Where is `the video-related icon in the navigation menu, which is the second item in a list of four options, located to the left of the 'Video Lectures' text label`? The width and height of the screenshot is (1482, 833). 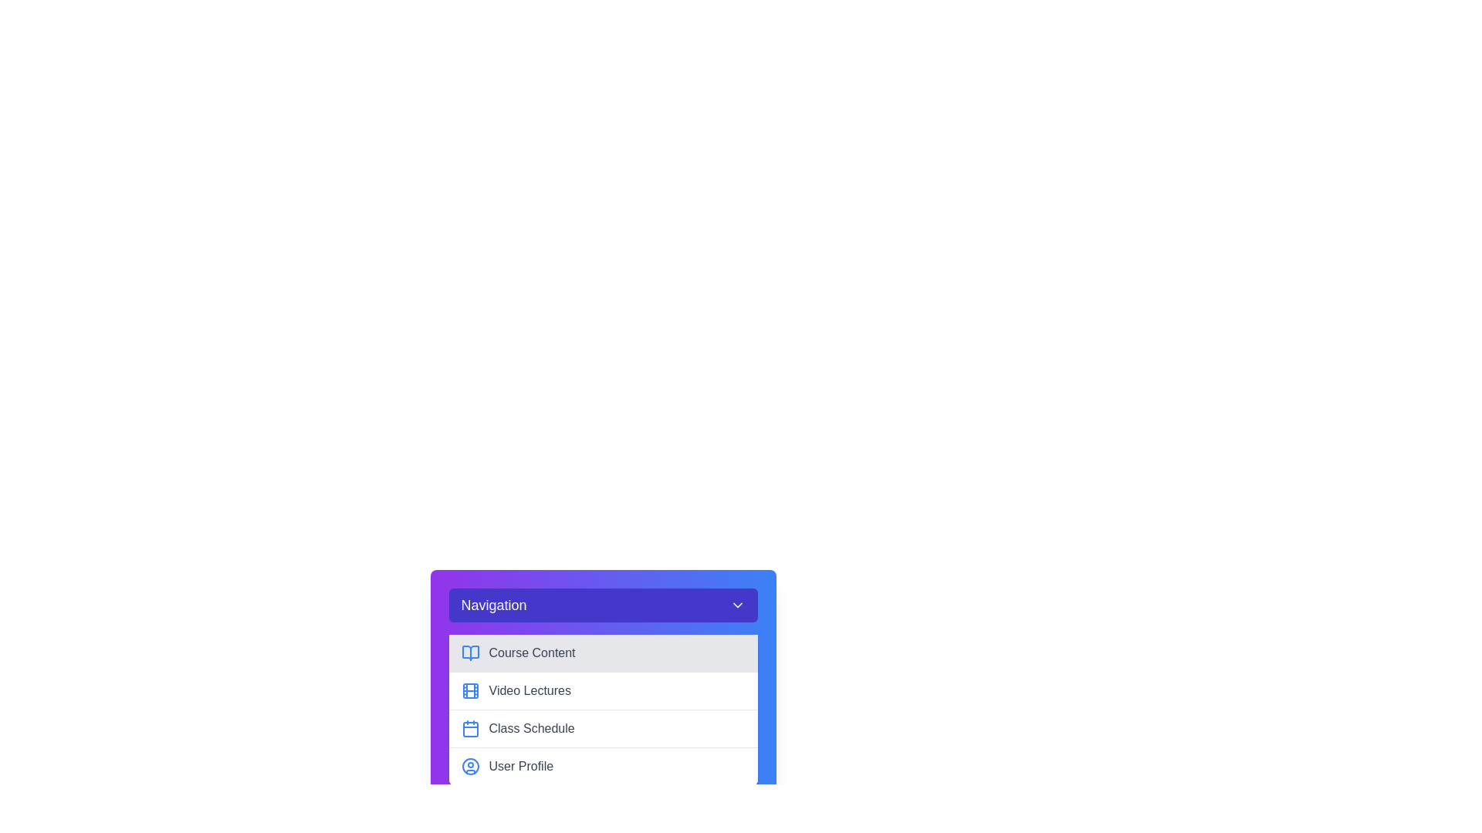 the video-related icon in the navigation menu, which is the second item in a list of four options, located to the left of the 'Video Lectures' text label is located at coordinates (469, 690).